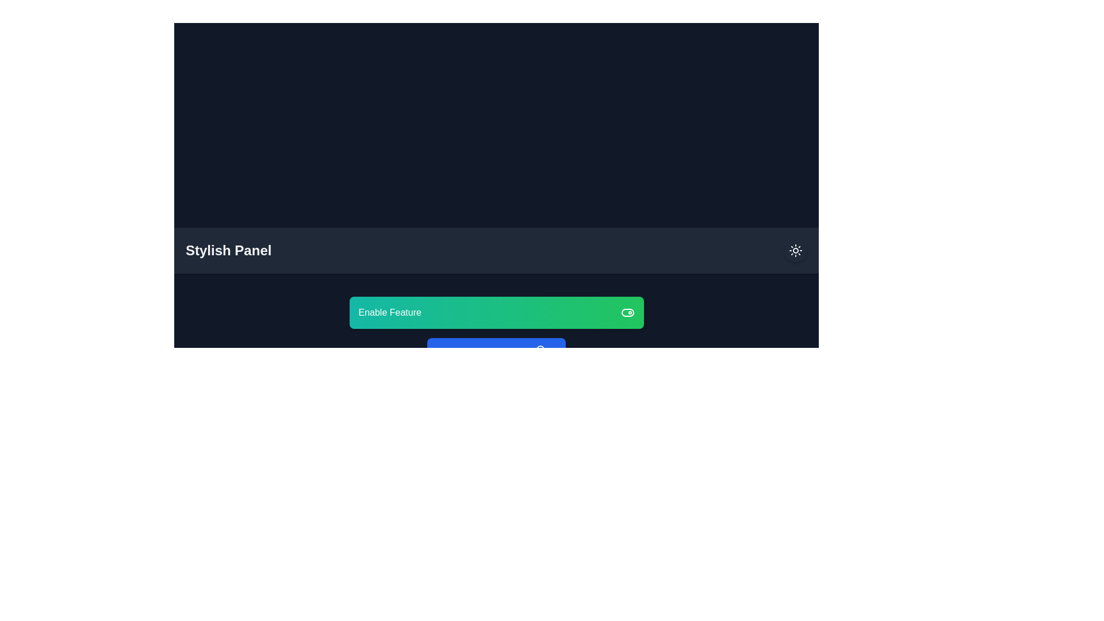  Describe the element at coordinates (540, 350) in the screenshot. I see `the bell-shaped notification icon located in the upper section of the user interface` at that location.